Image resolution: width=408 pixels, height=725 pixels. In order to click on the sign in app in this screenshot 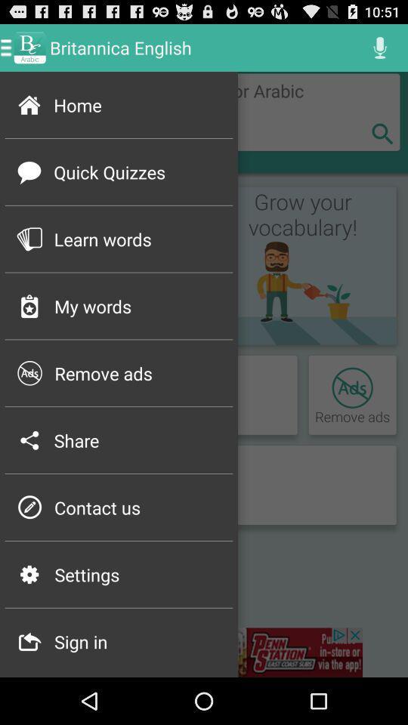, I will do `click(138, 640)`.